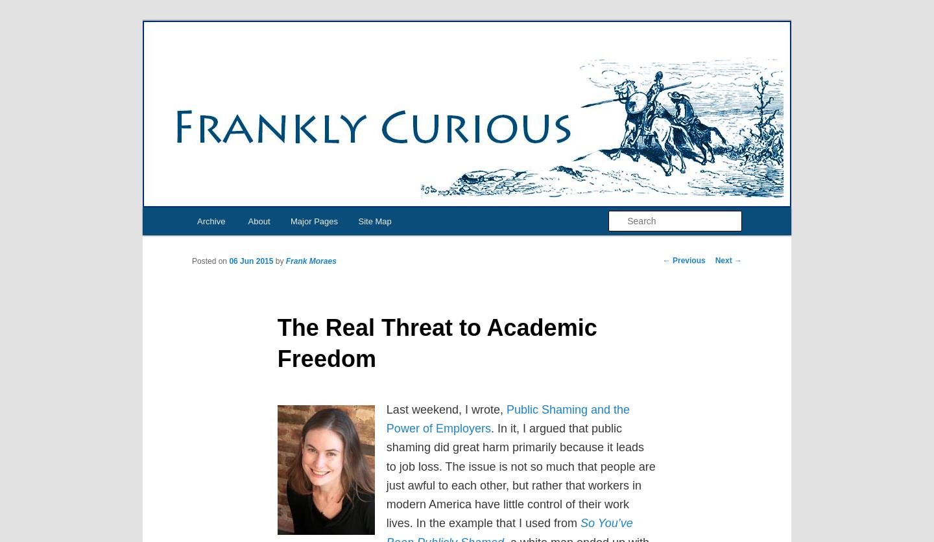 The height and width of the screenshot is (542, 934). Describe the element at coordinates (228, 260) in the screenshot. I see `'06 Jun 2015'` at that location.